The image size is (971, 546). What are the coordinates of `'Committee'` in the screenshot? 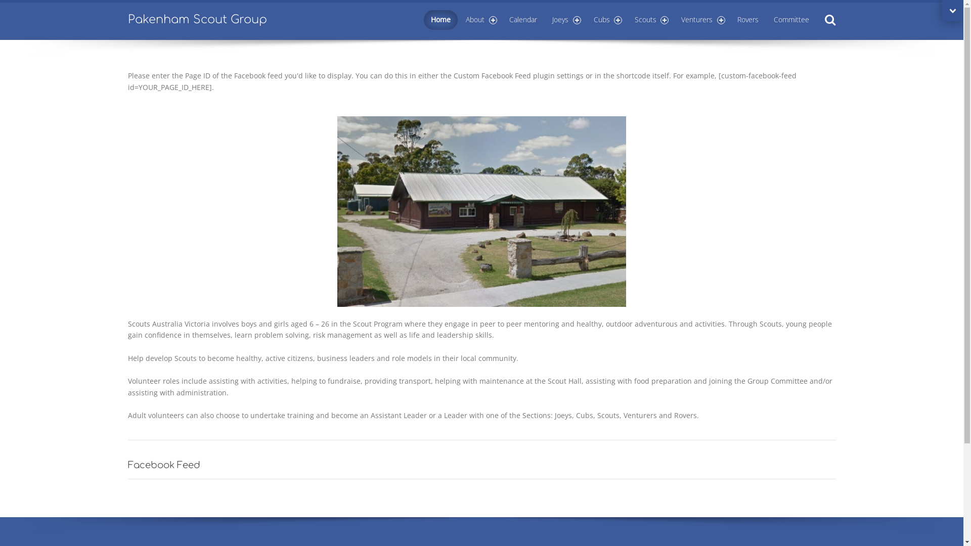 It's located at (790, 20).